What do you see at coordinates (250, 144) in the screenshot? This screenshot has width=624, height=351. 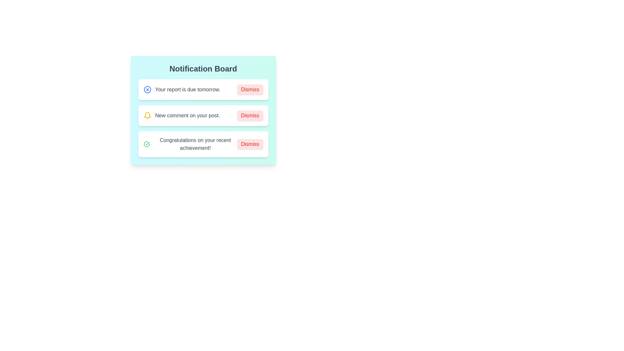 I see `'Dismiss' button for the notification with the message 'Congratulations on your recent achievement!'` at bounding box center [250, 144].